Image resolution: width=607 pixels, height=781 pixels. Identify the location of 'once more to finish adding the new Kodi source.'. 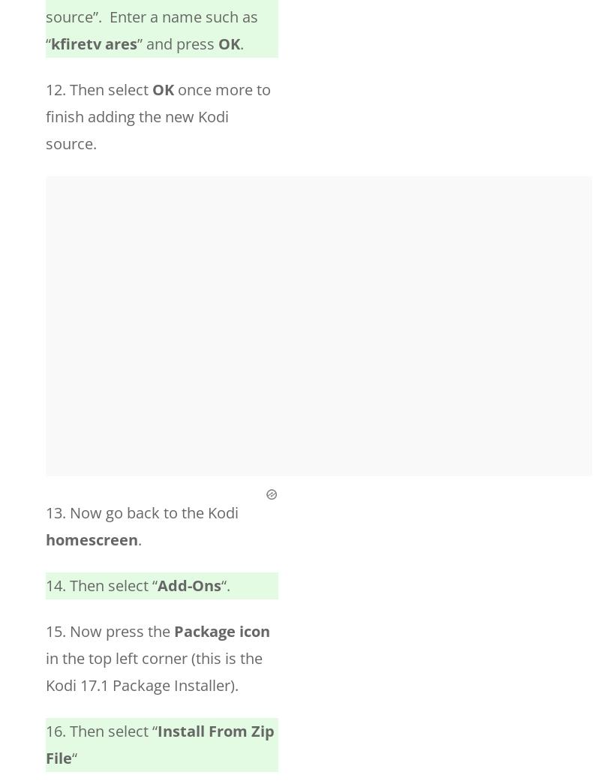
(45, 116).